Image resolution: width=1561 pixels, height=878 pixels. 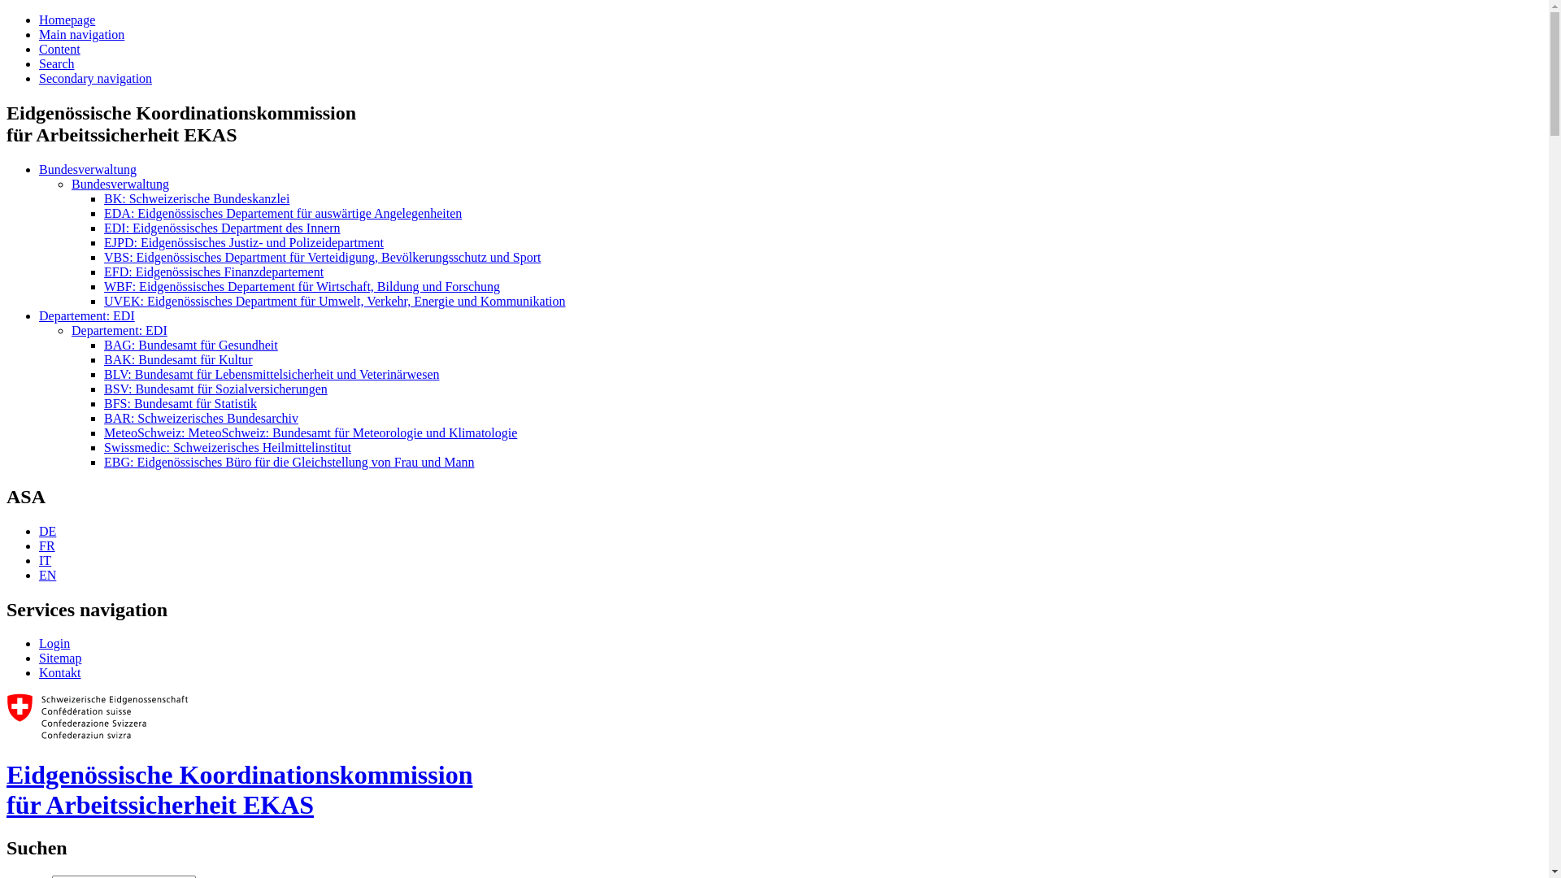 I want to click on 'IT', so click(x=45, y=559).